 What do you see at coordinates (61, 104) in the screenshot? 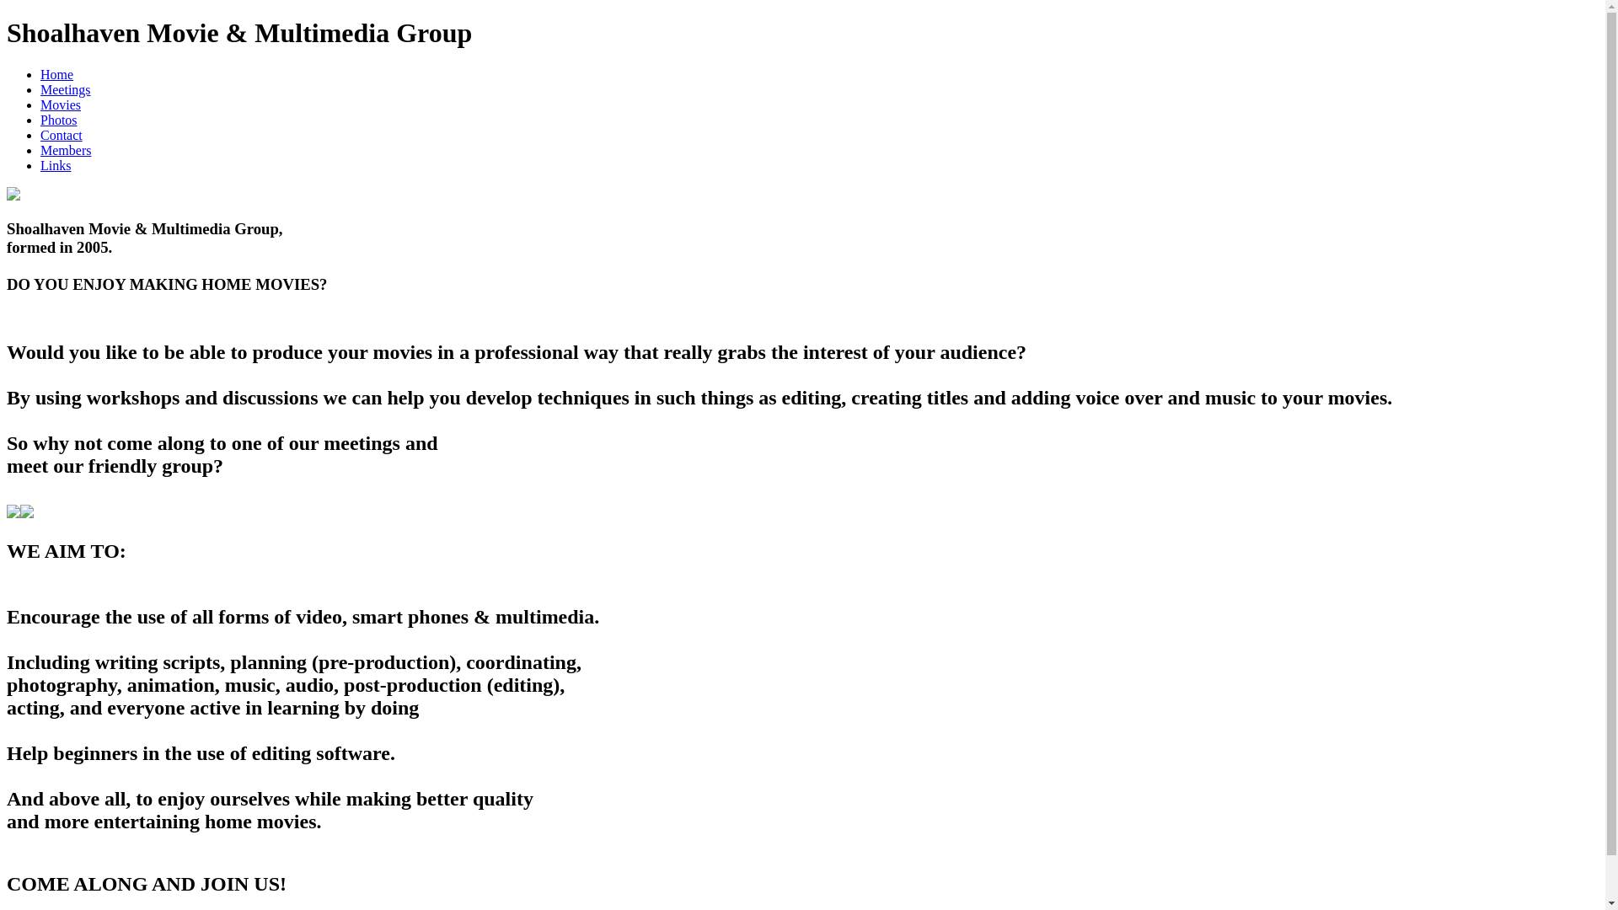
I see `'Movies'` at bounding box center [61, 104].